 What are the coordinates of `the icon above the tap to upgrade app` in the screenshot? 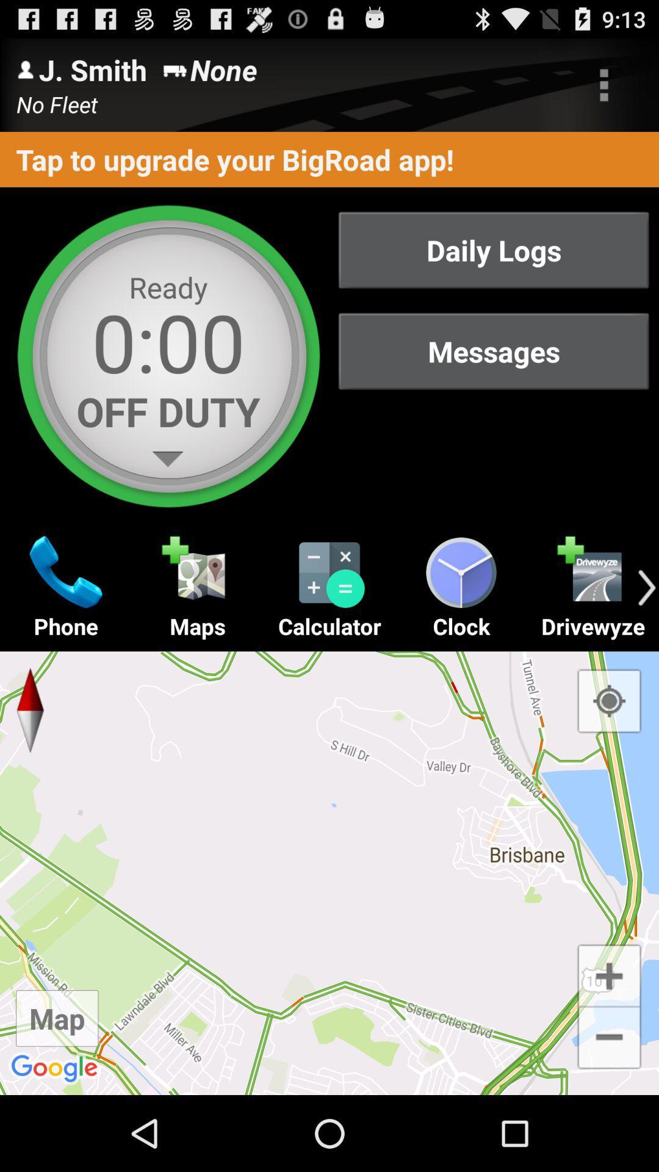 It's located at (604, 84).